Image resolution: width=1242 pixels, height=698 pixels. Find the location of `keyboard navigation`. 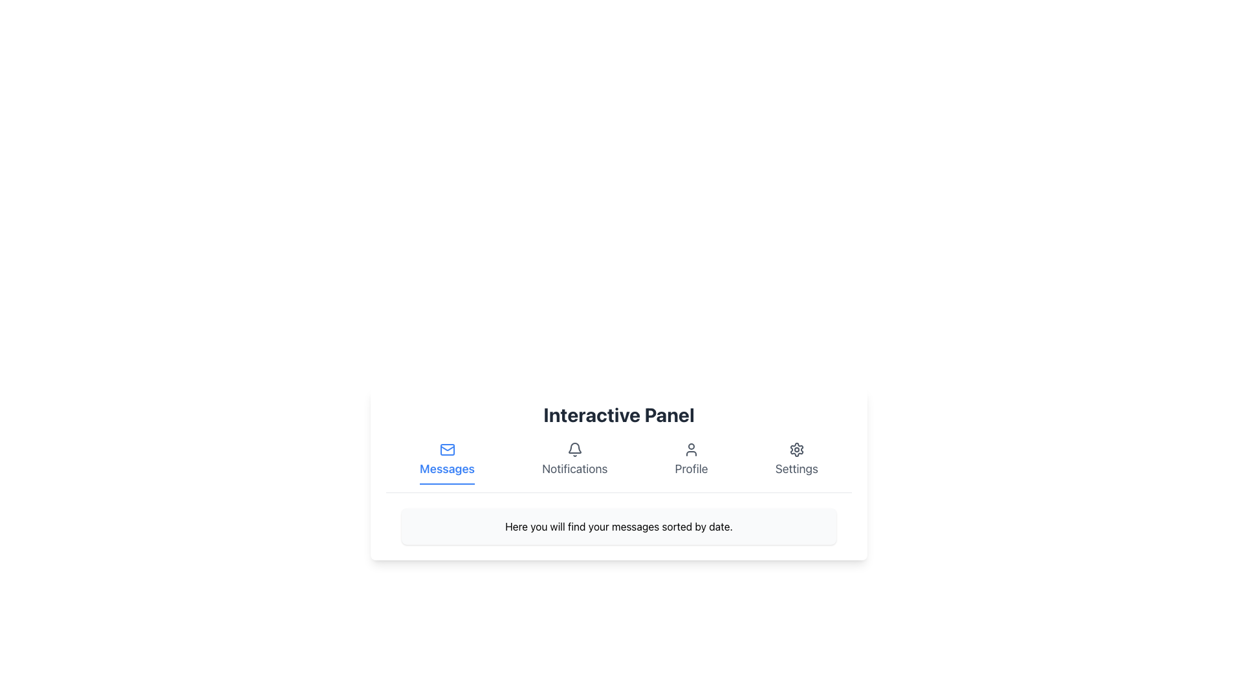

keyboard navigation is located at coordinates (574, 447).